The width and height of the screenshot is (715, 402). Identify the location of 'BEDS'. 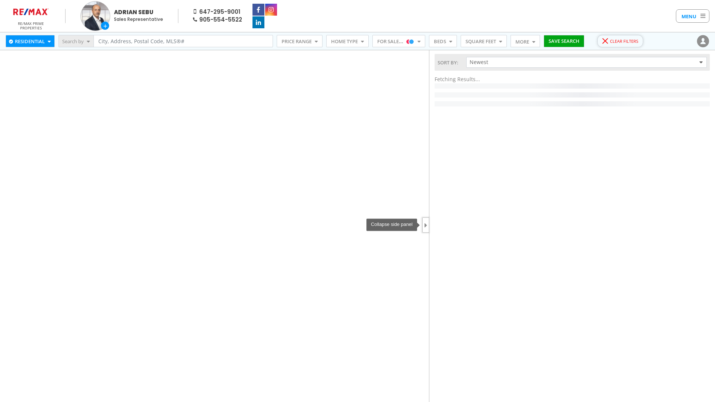
(443, 41).